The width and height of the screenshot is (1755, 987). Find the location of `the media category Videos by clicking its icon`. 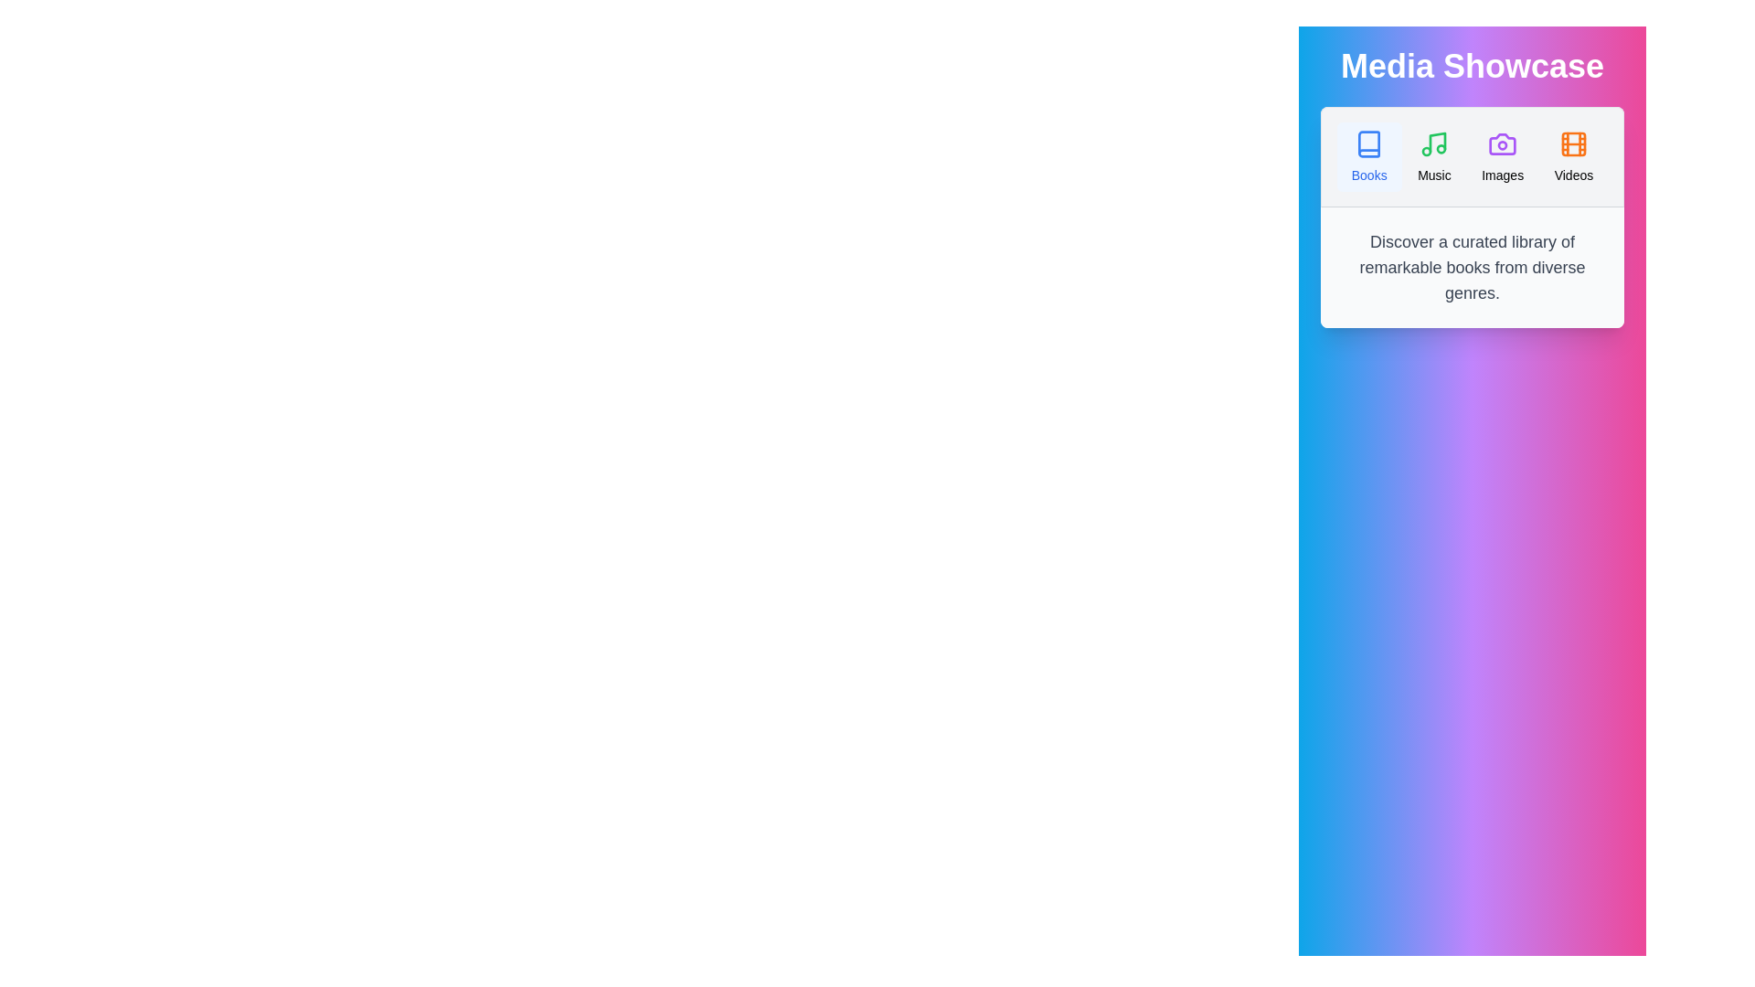

the media category Videos by clicking its icon is located at coordinates (1572, 156).